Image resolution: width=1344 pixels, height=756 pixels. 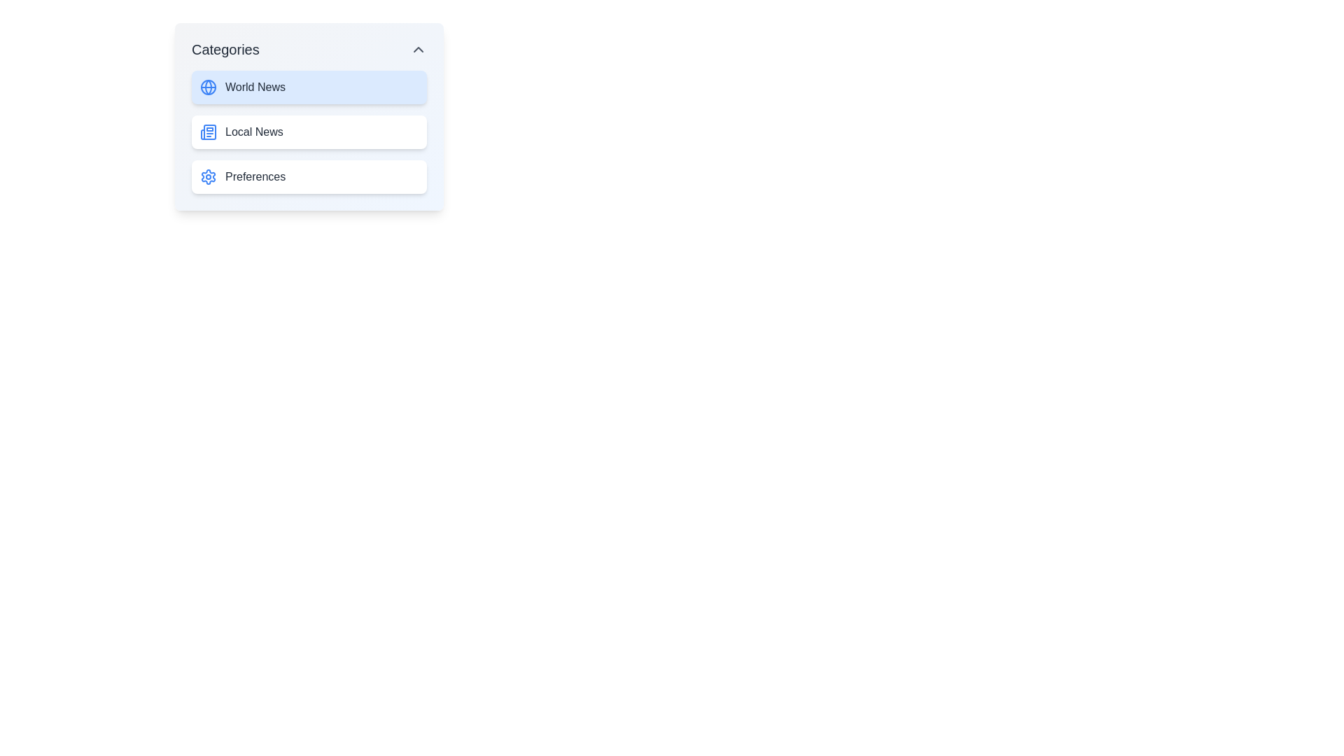 I want to click on the central circular icon of the globe within the 'World News' tab, which is characterized by its blue strokes and is positioned at the top of the category options list, so click(x=207, y=87).